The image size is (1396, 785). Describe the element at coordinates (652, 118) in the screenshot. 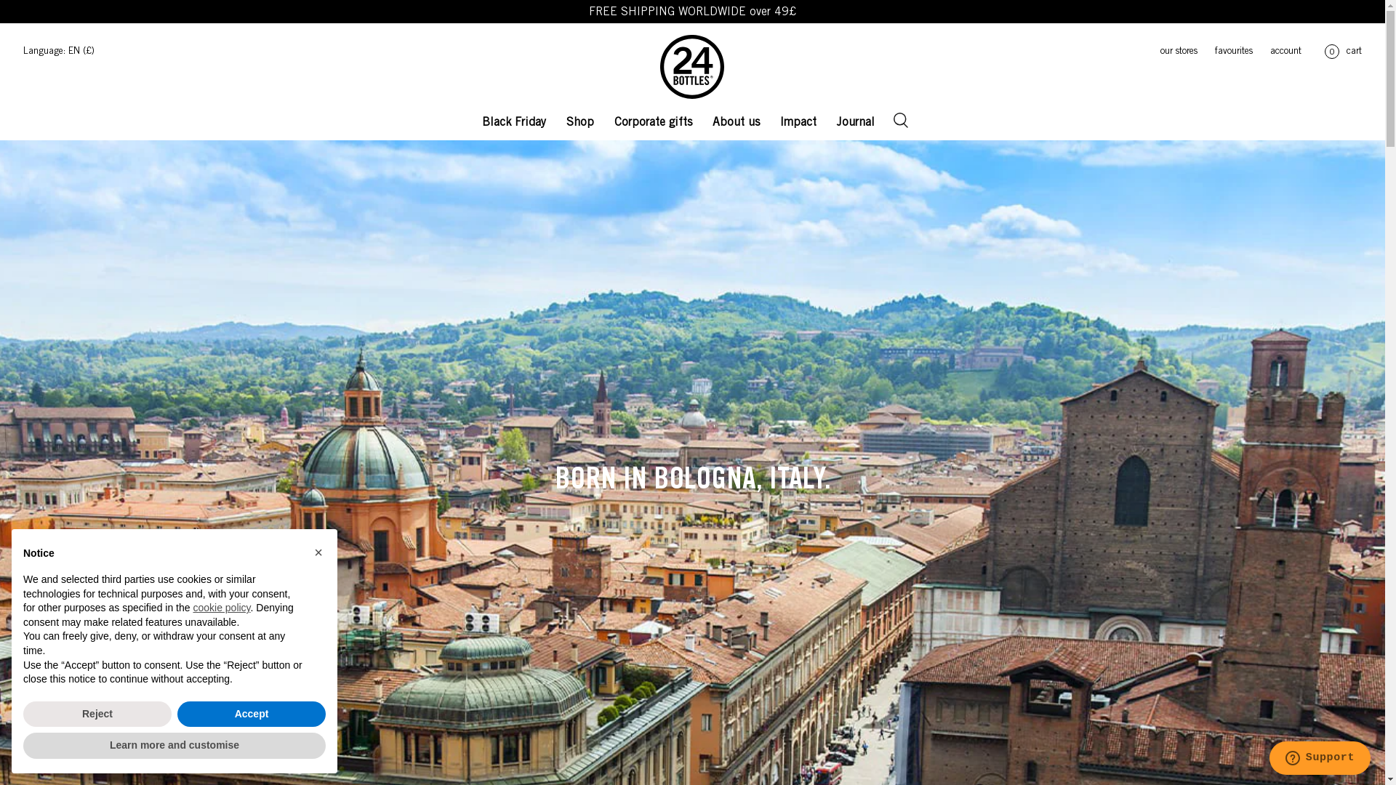

I see `'Corporate gifts'` at that location.